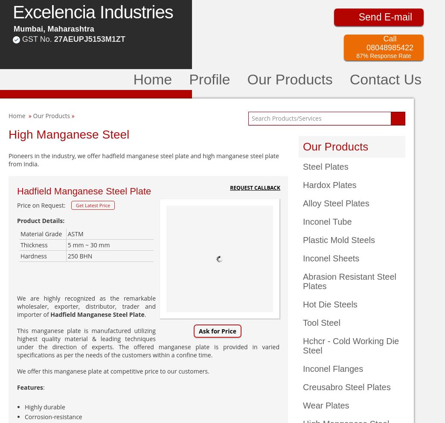 The height and width of the screenshot is (423, 445). What do you see at coordinates (332, 368) in the screenshot?
I see `'Inconel Flanges'` at bounding box center [332, 368].